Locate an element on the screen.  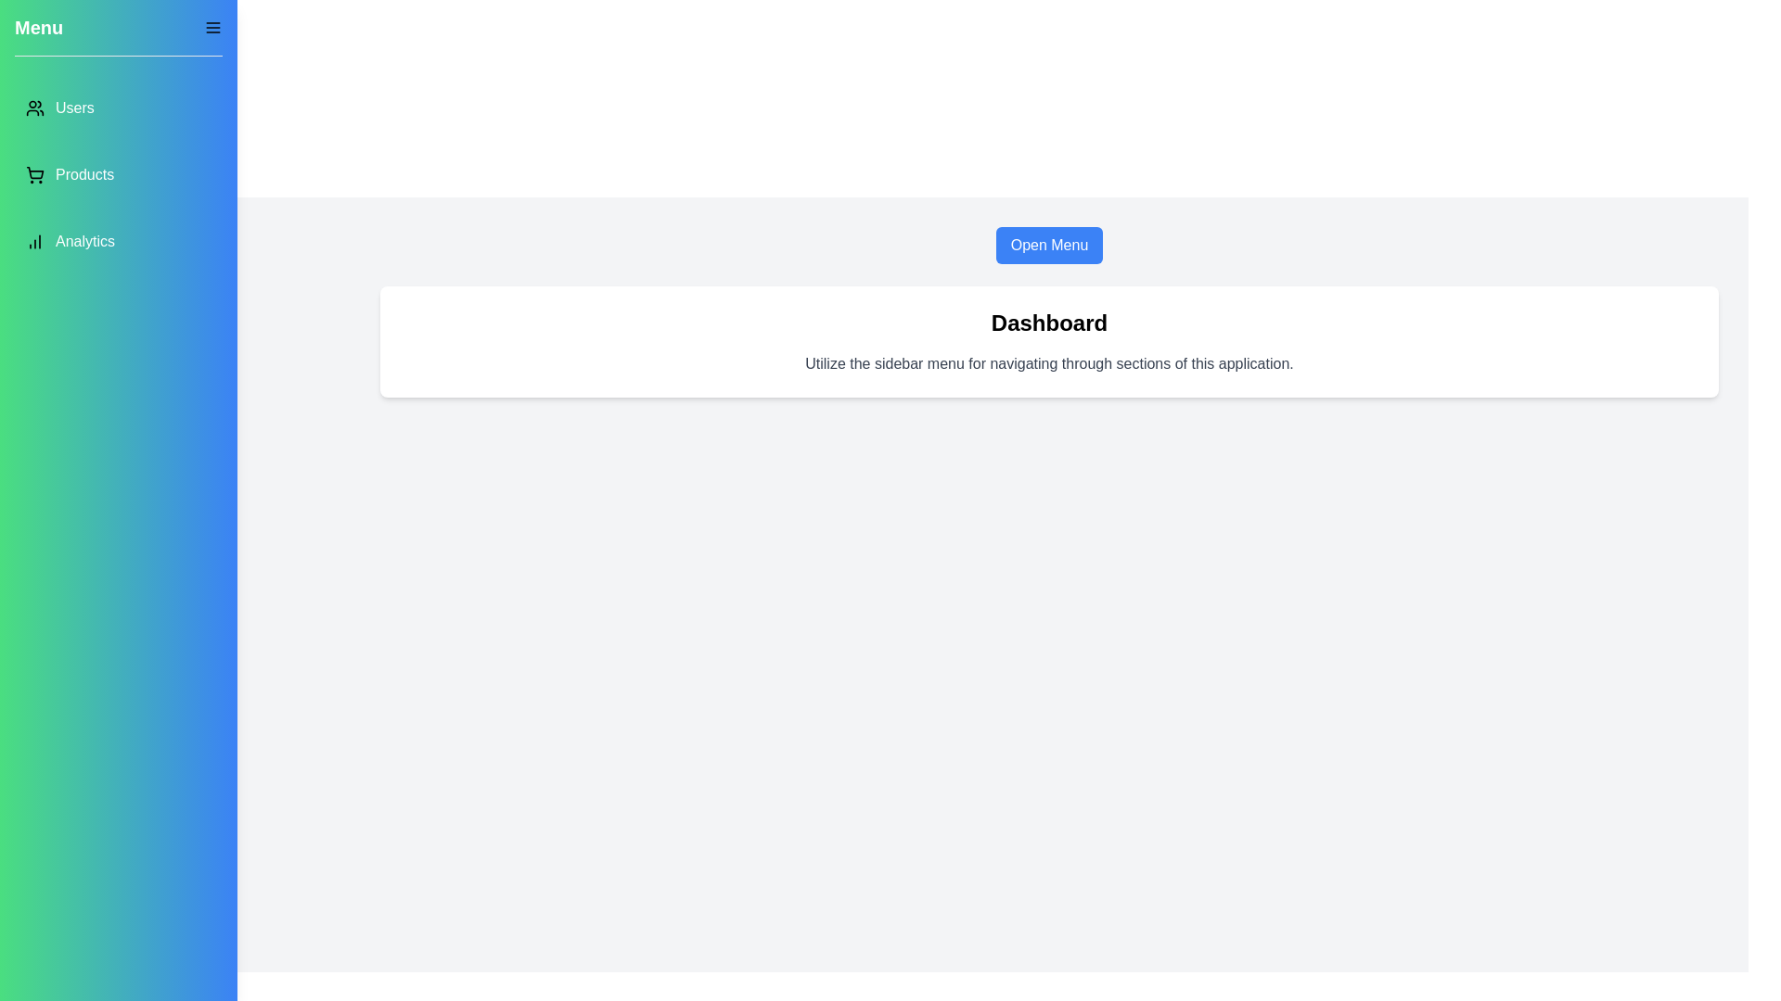
the menu item labeled Analytics to navigate to the respective section is located at coordinates (118, 241).